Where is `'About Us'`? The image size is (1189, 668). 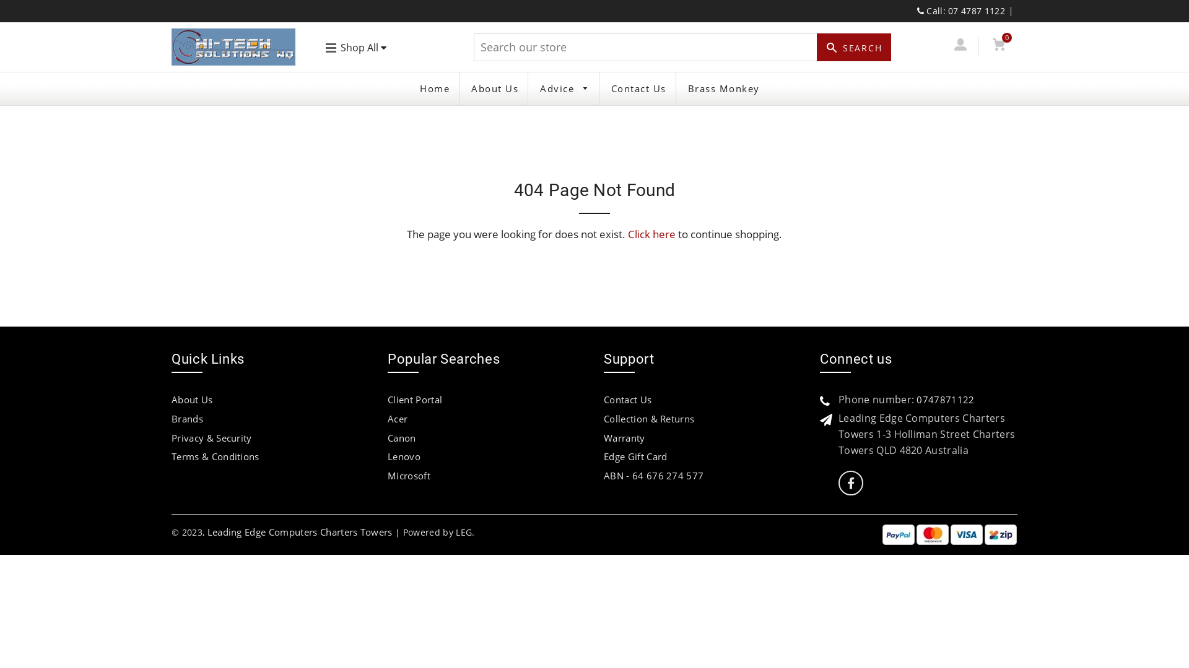 'About Us' is located at coordinates (461, 88).